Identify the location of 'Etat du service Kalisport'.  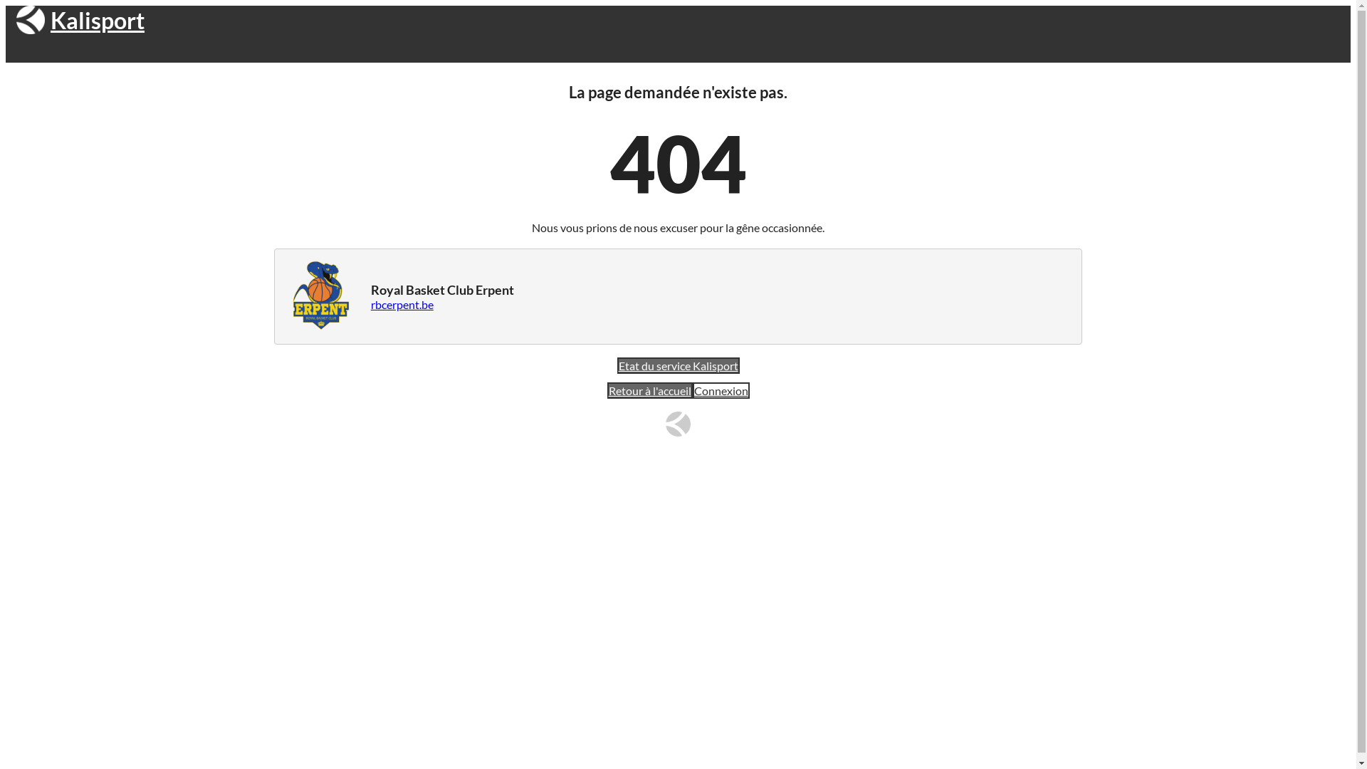
(676, 365).